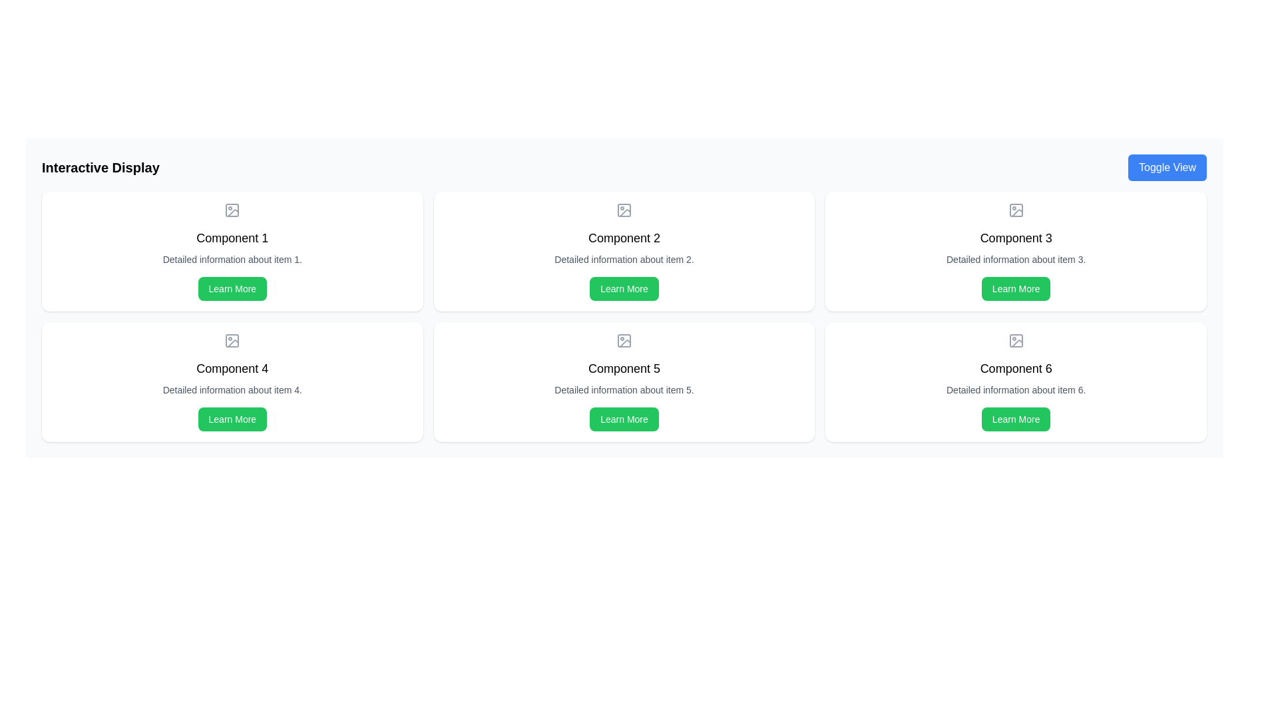  Describe the element at coordinates (623, 288) in the screenshot. I see `the green rectangular button labeled 'Learn More' that is centrally positioned below 'Component 2' to learn more about it` at that location.